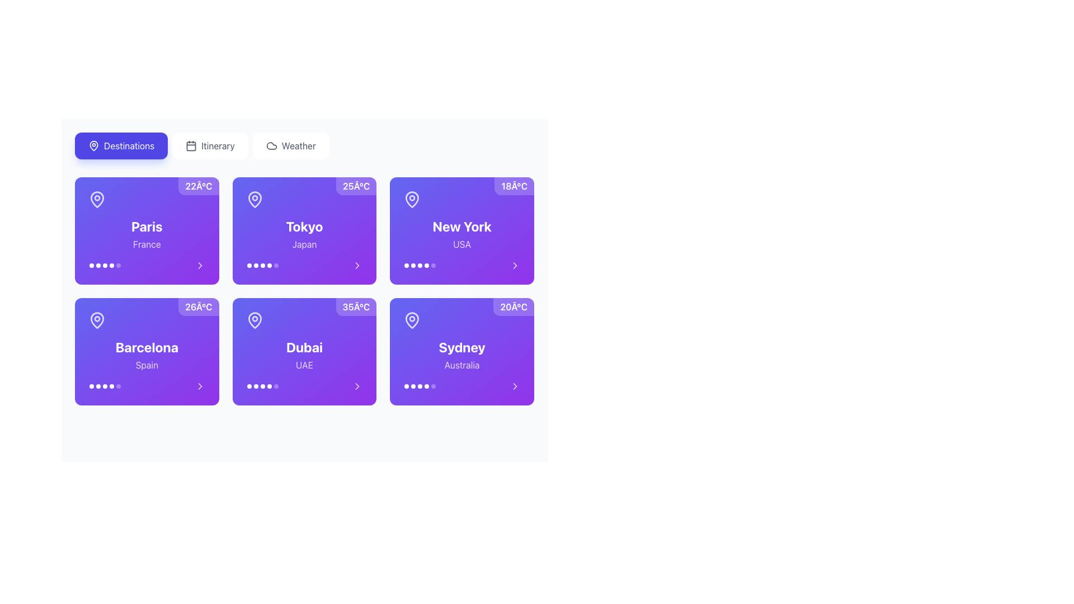 The width and height of the screenshot is (1074, 604). I want to click on the text label reading 'Australia' located beneath the 'Sydney' text in the weather information card, so click(462, 365).